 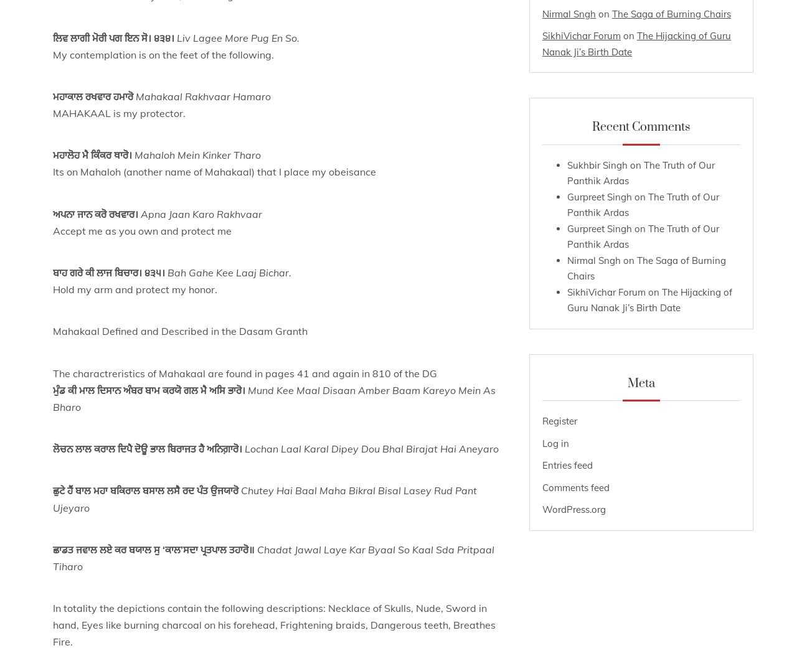 I want to click on 'Lochan Laal Karal Dipey Dou Bhal Birajat Hai Aneyaro', so click(x=370, y=448).